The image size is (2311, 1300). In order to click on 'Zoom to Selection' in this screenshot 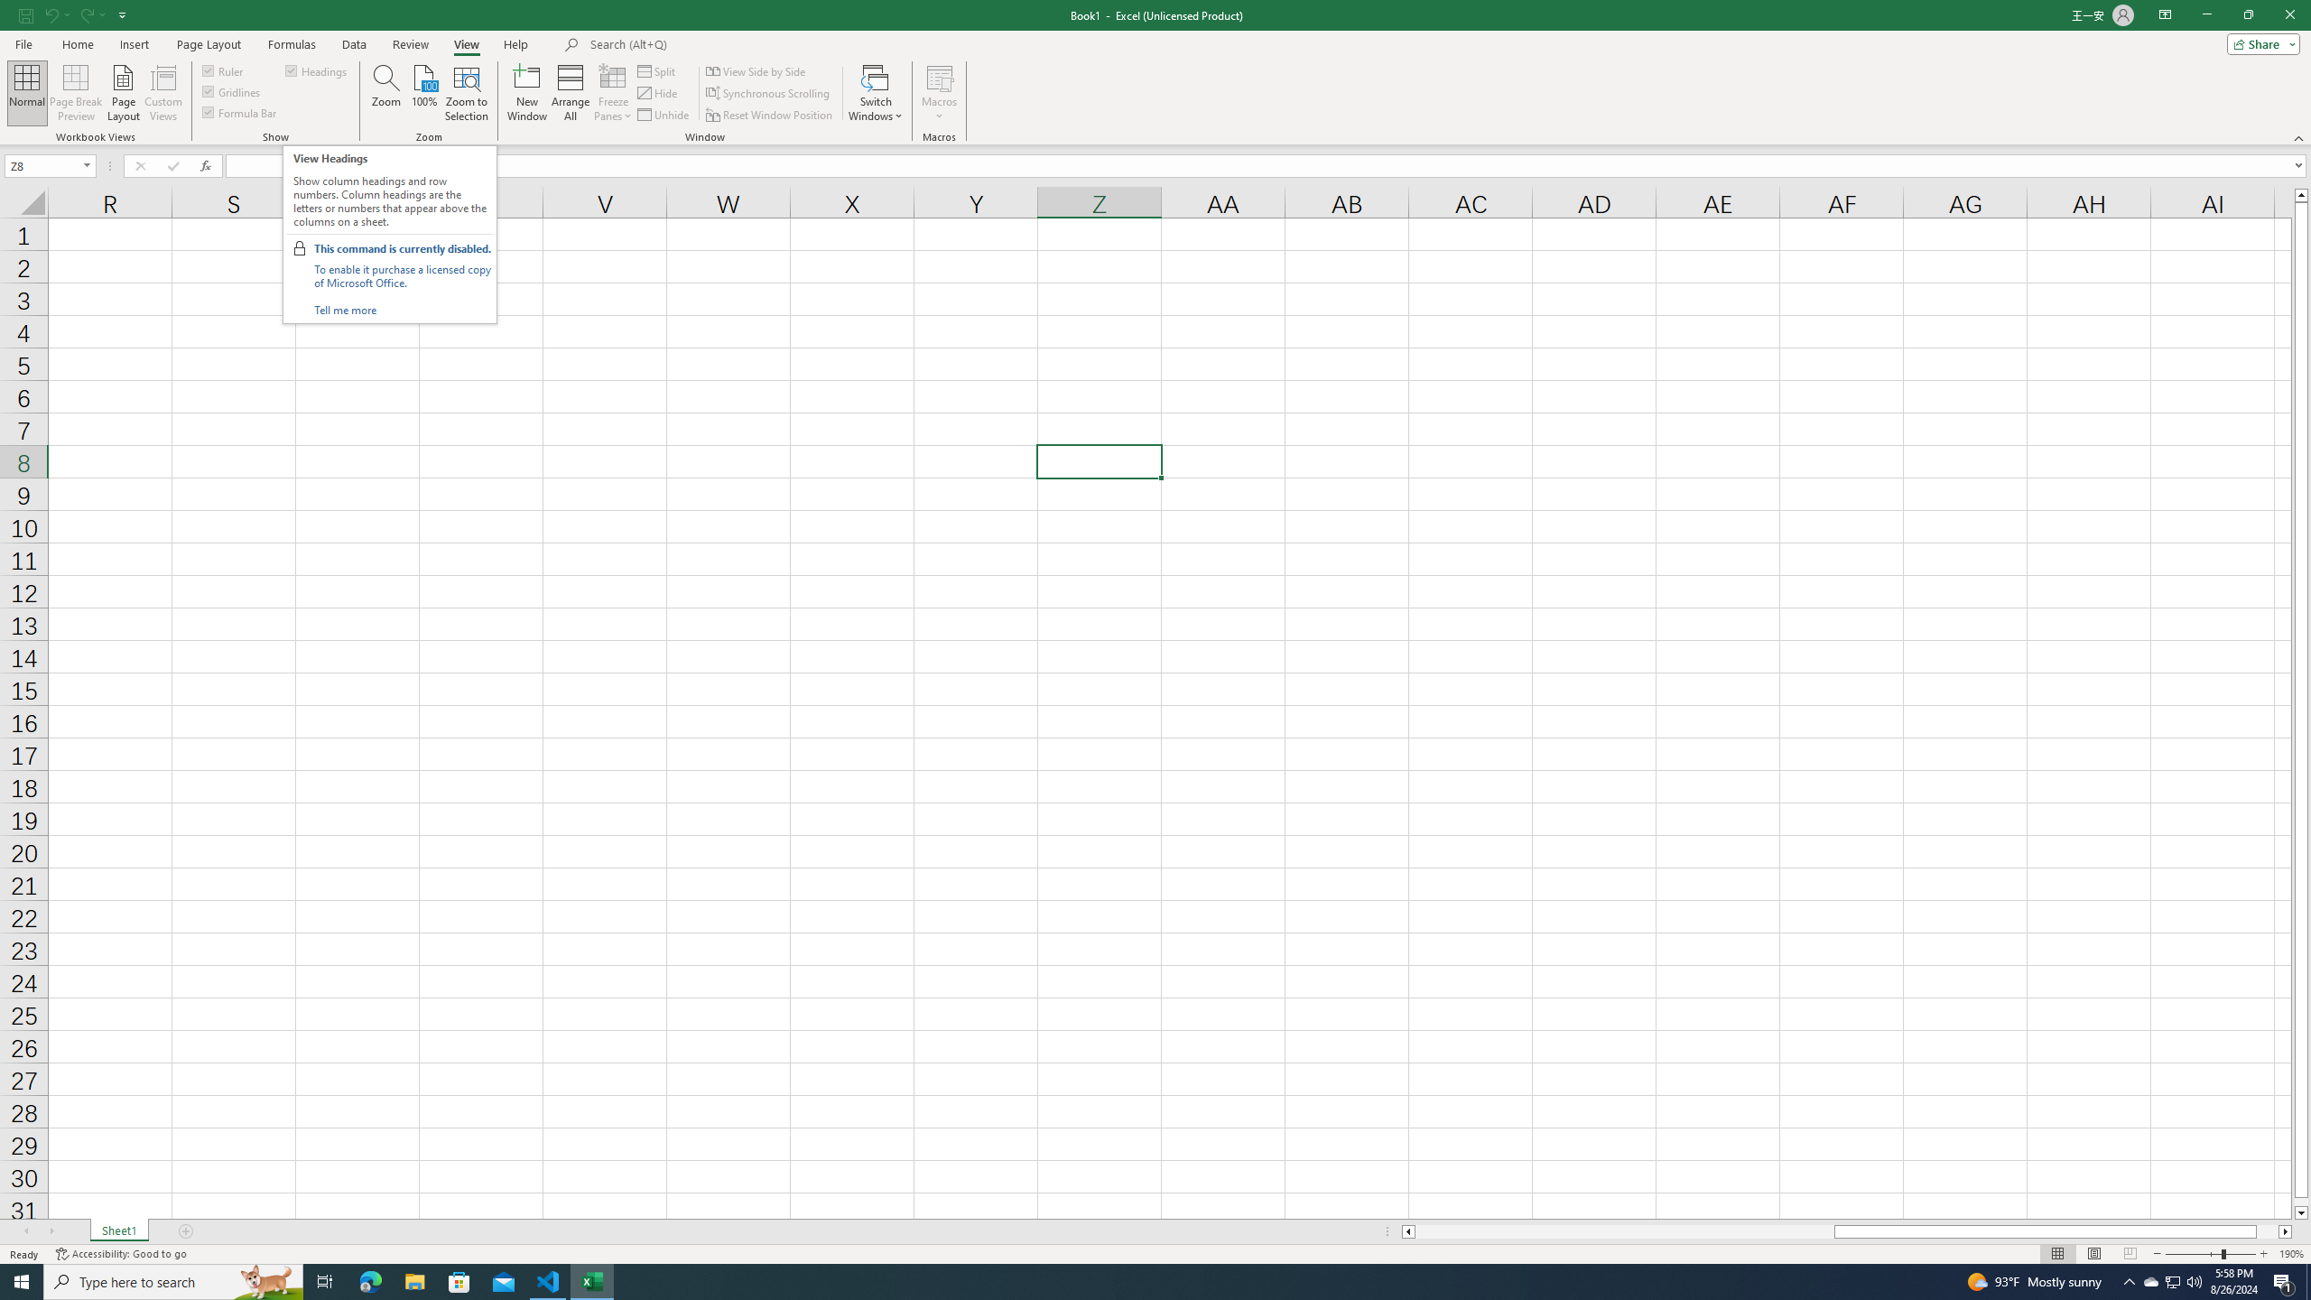, I will do `click(467, 93)`.